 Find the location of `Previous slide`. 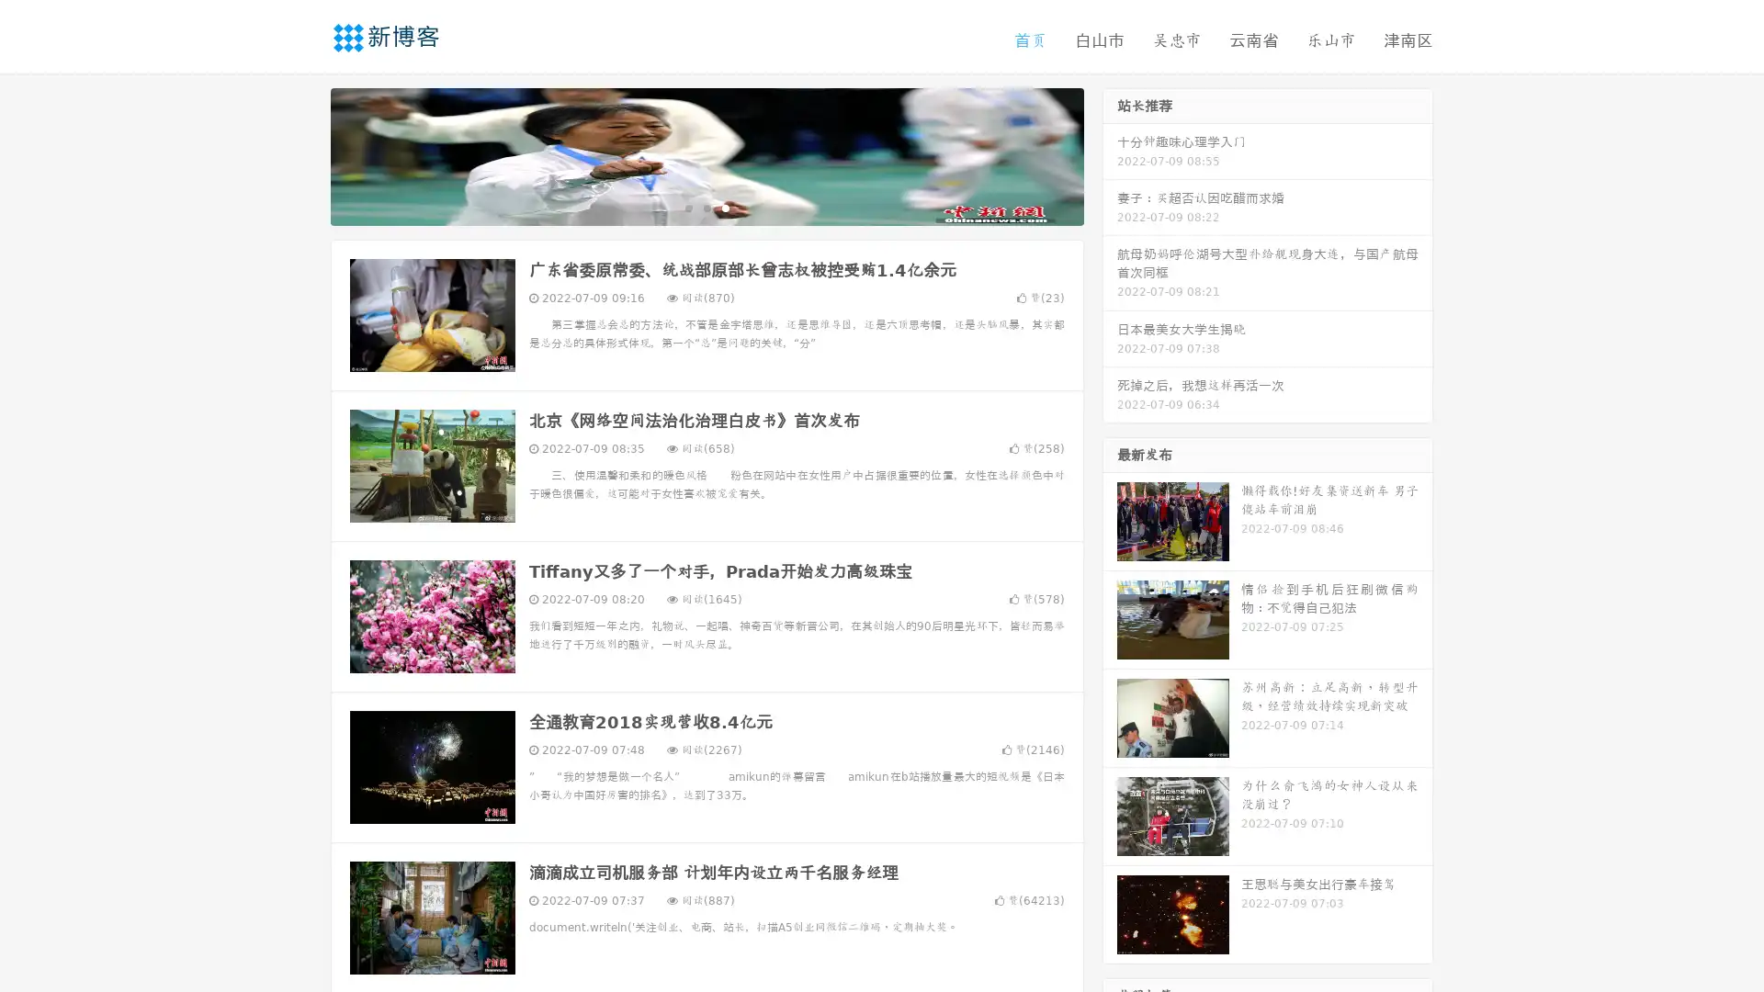

Previous slide is located at coordinates (303, 154).